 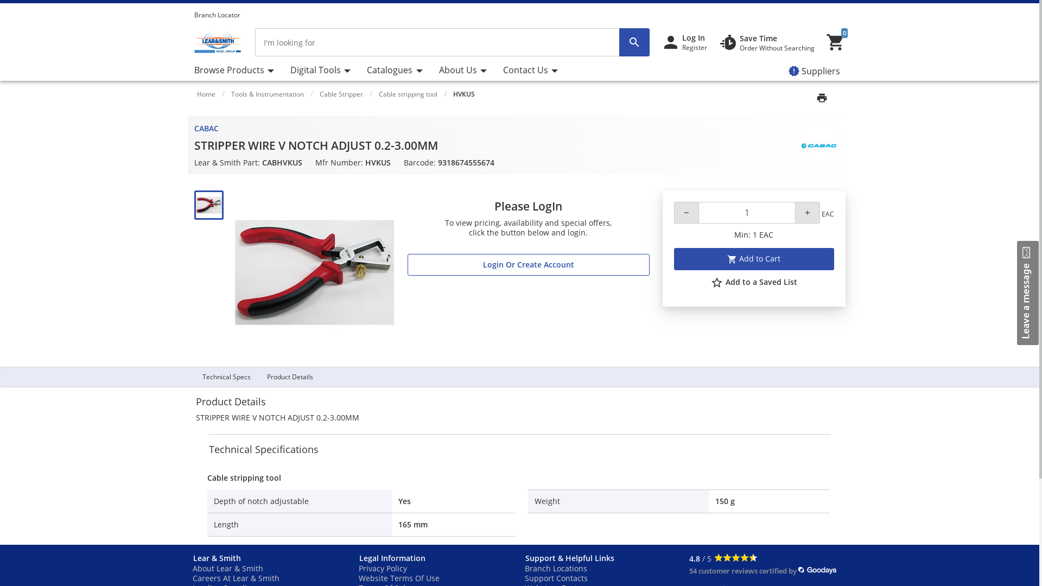 I want to click on 'Technical Specs', so click(x=226, y=376).